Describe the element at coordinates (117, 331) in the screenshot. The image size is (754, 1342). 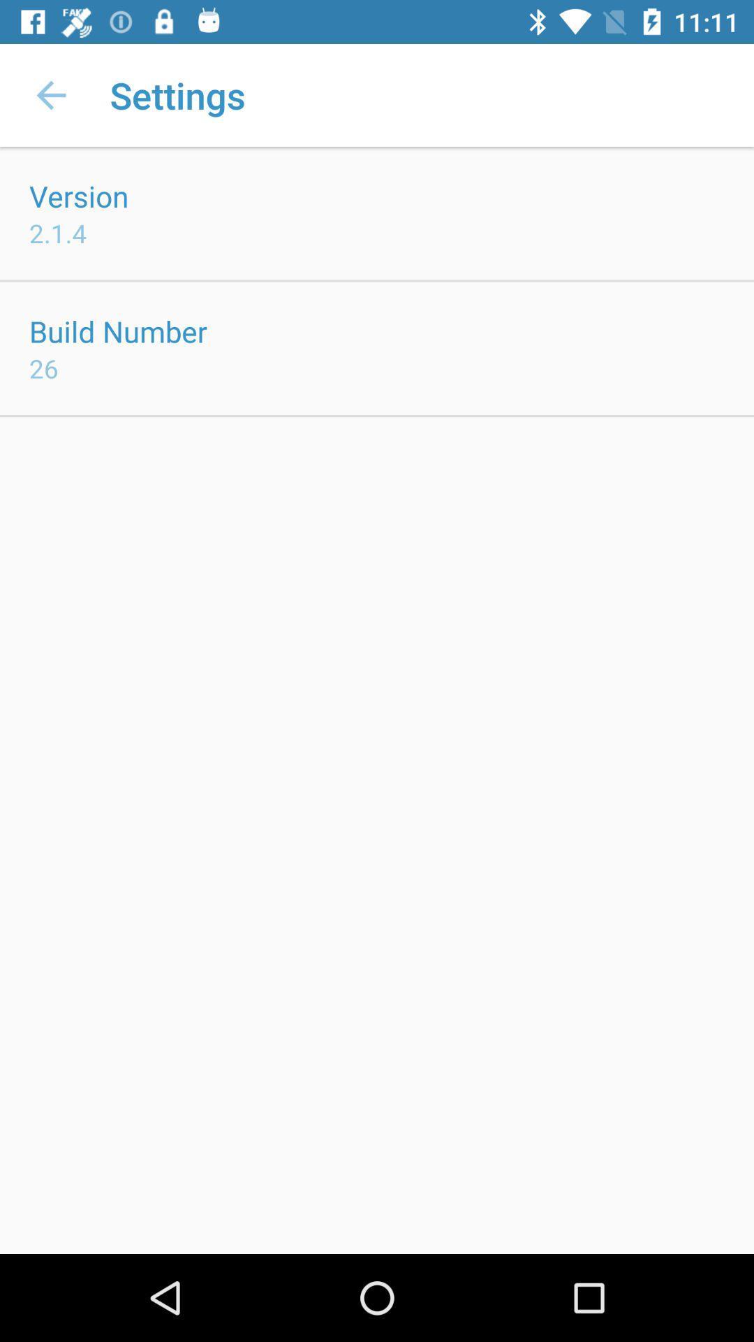
I see `build number item` at that location.